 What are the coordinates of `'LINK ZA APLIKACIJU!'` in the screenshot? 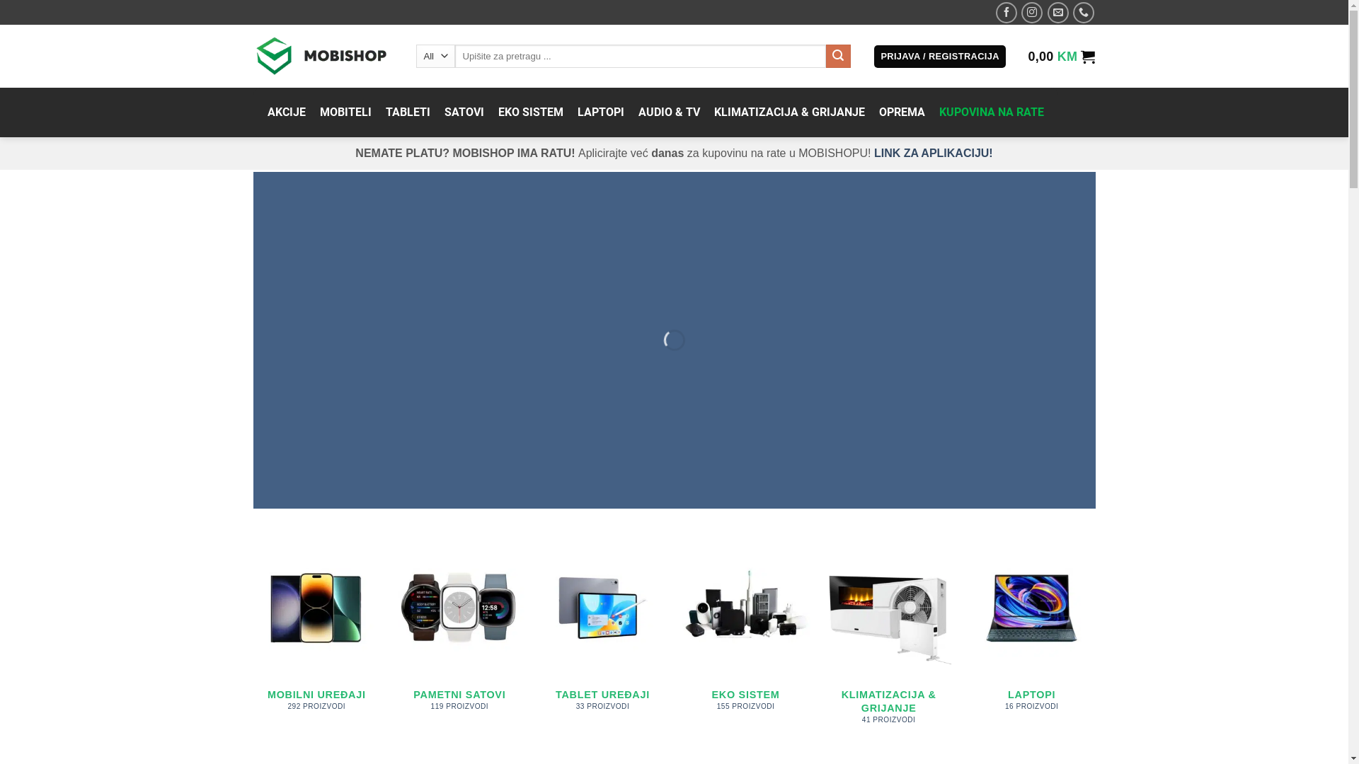 It's located at (934, 153).